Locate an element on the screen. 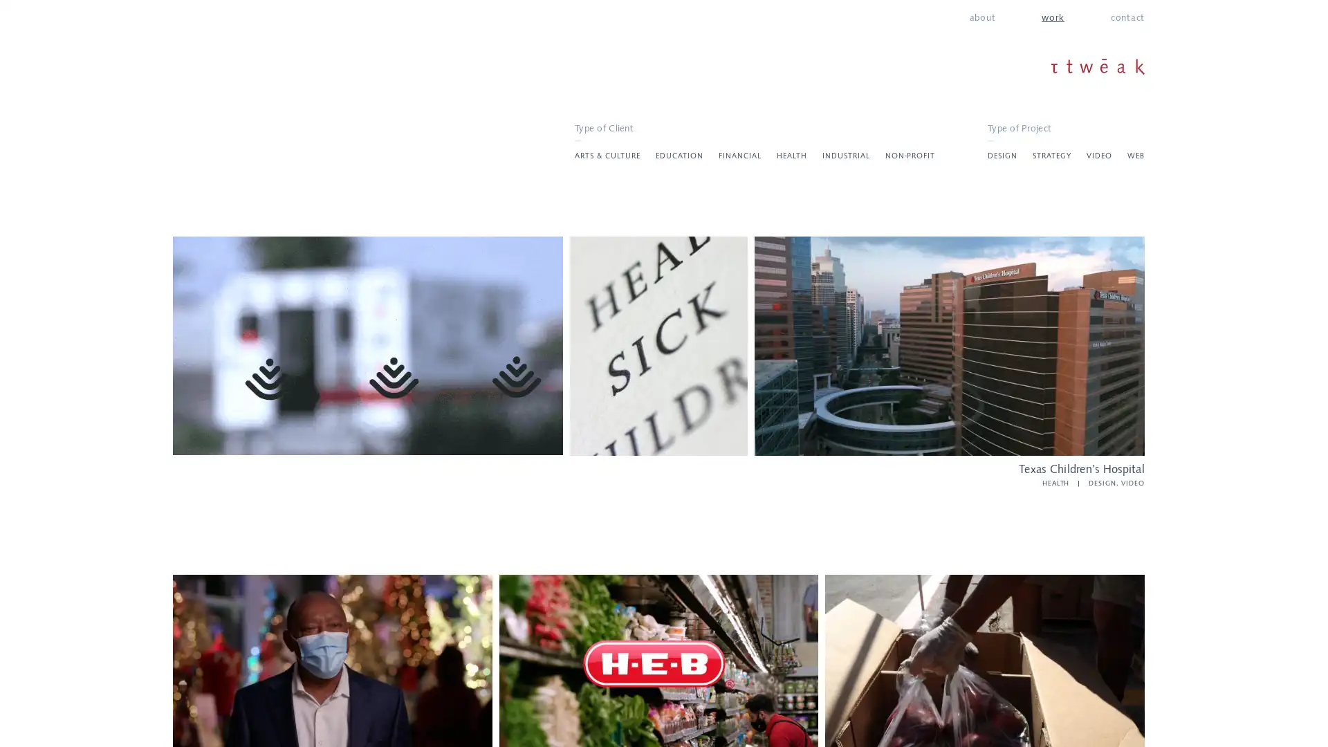  HEALTH is located at coordinates (792, 156).